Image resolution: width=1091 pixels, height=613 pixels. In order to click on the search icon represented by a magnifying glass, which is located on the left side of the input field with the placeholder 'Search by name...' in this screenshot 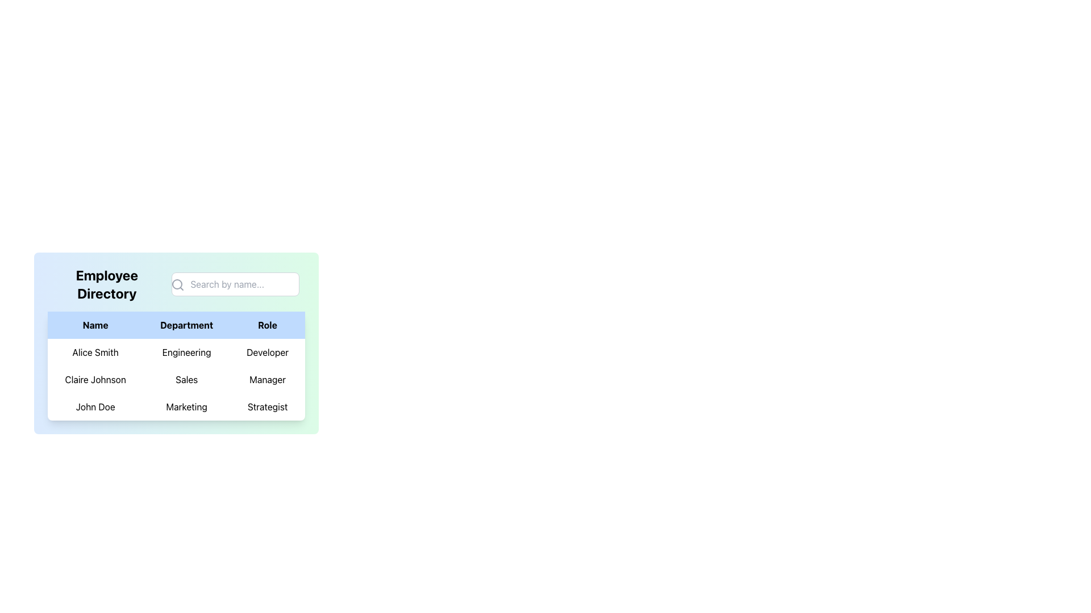, I will do `click(177, 284)`.